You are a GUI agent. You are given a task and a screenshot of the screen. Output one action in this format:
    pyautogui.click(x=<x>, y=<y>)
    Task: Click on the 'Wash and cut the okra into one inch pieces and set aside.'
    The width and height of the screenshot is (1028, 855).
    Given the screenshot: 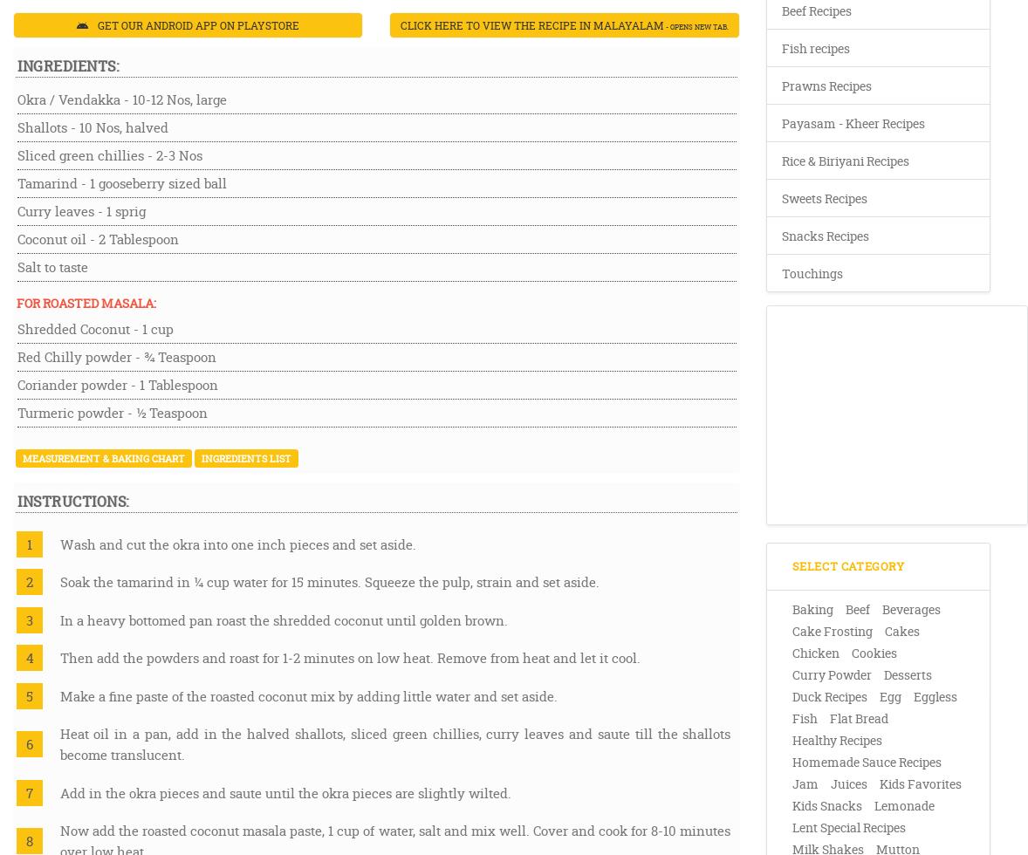 What is the action you would take?
    pyautogui.click(x=236, y=543)
    